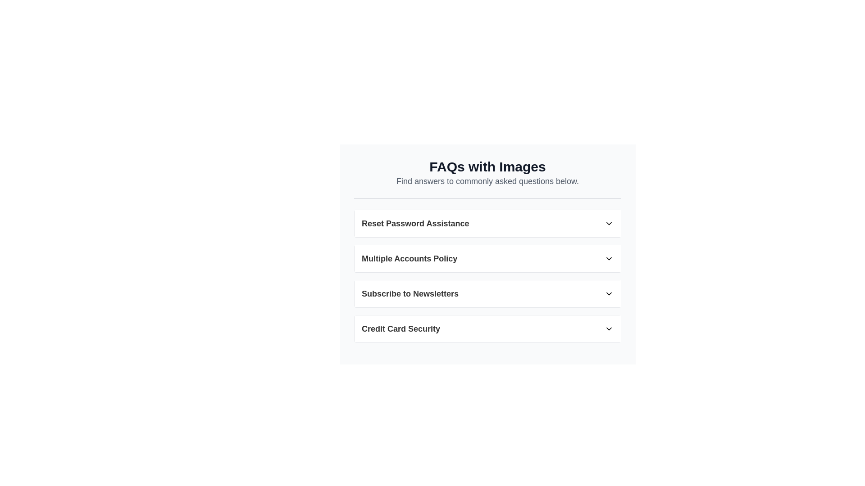 This screenshot has height=486, width=865. I want to click on the 'Multiple Accounts Policy' dropdown menu item, so click(487, 270).